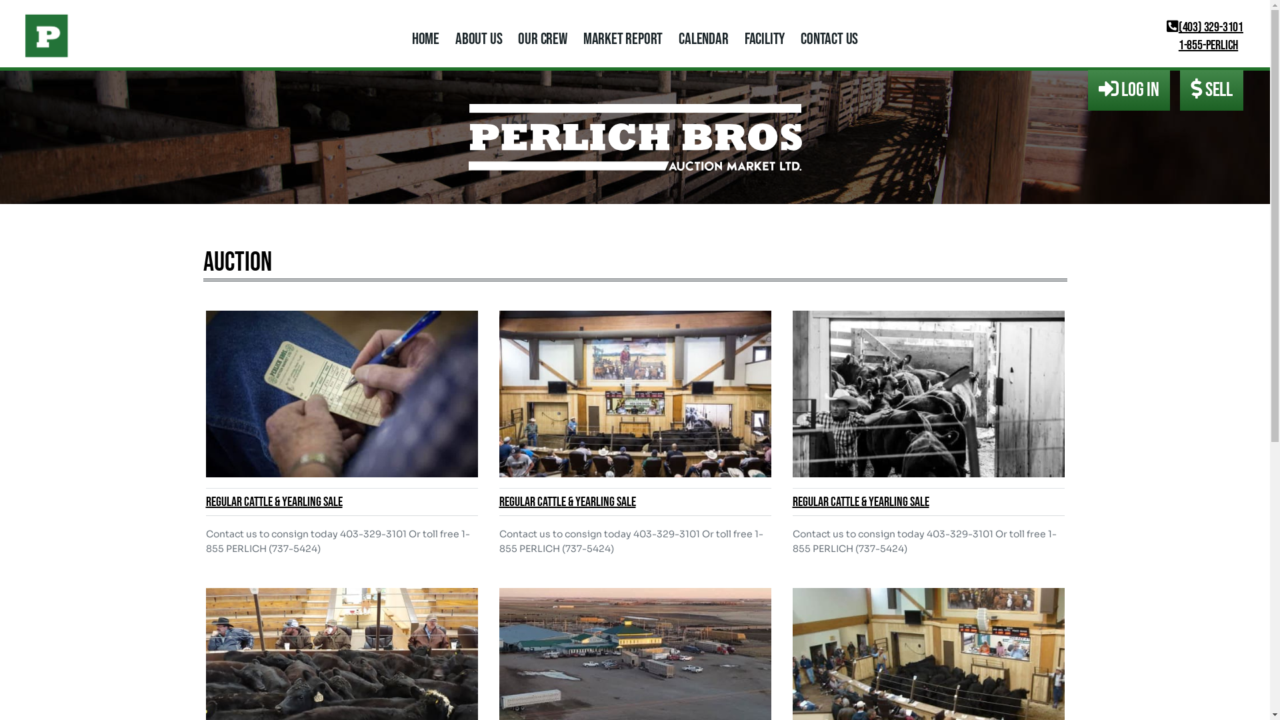 Image resolution: width=1280 pixels, height=720 pixels. I want to click on 'ABOUT US', so click(479, 38).